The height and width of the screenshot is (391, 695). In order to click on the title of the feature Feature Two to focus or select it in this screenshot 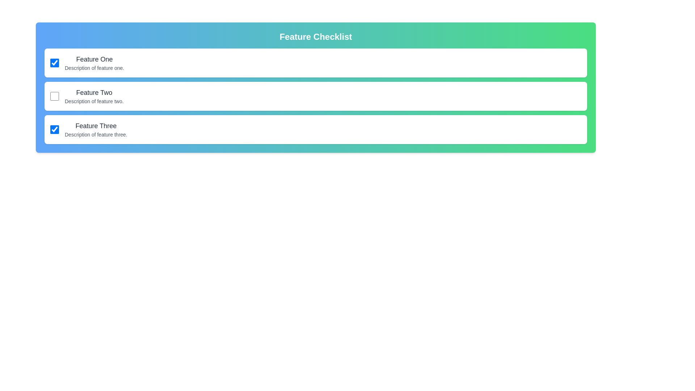, I will do `click(93, 92)`.